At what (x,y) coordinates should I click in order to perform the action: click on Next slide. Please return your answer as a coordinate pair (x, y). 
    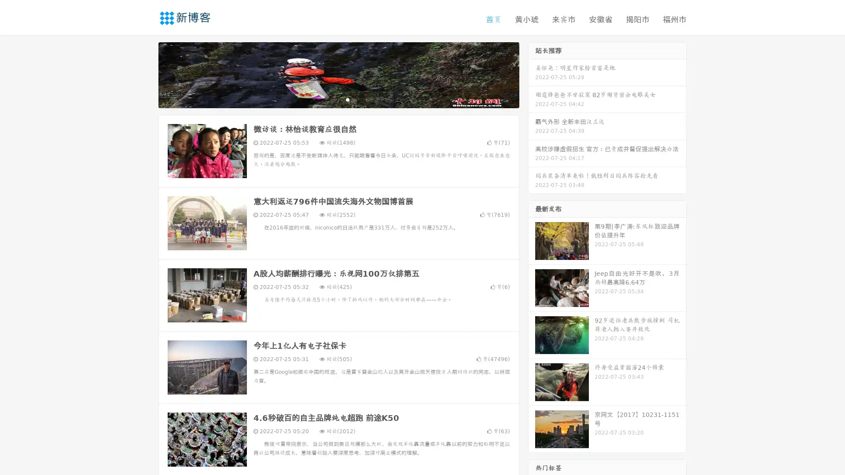
    Looking at the image, I should click on (532, 74).